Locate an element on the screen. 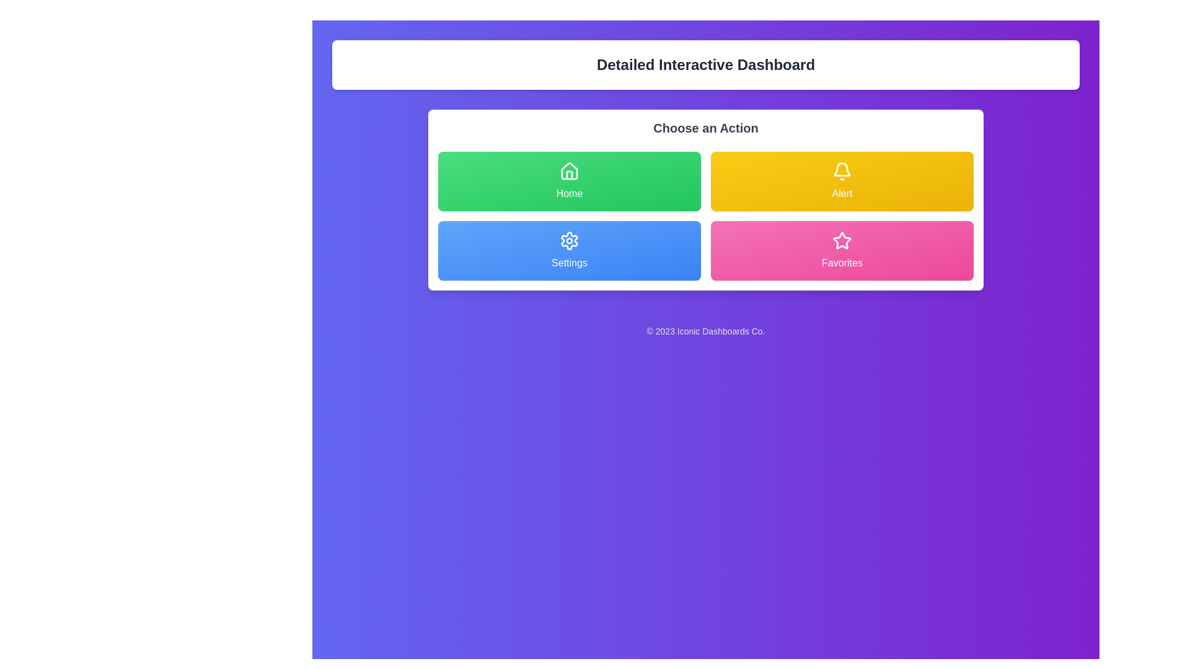 The width and height of the screenshot is (1190, 669). the bell icon with a yellow background and white outline, located at the center-top of the 'Alert' button in the 'Choose an Action' section is located at coordinates (842, 172).